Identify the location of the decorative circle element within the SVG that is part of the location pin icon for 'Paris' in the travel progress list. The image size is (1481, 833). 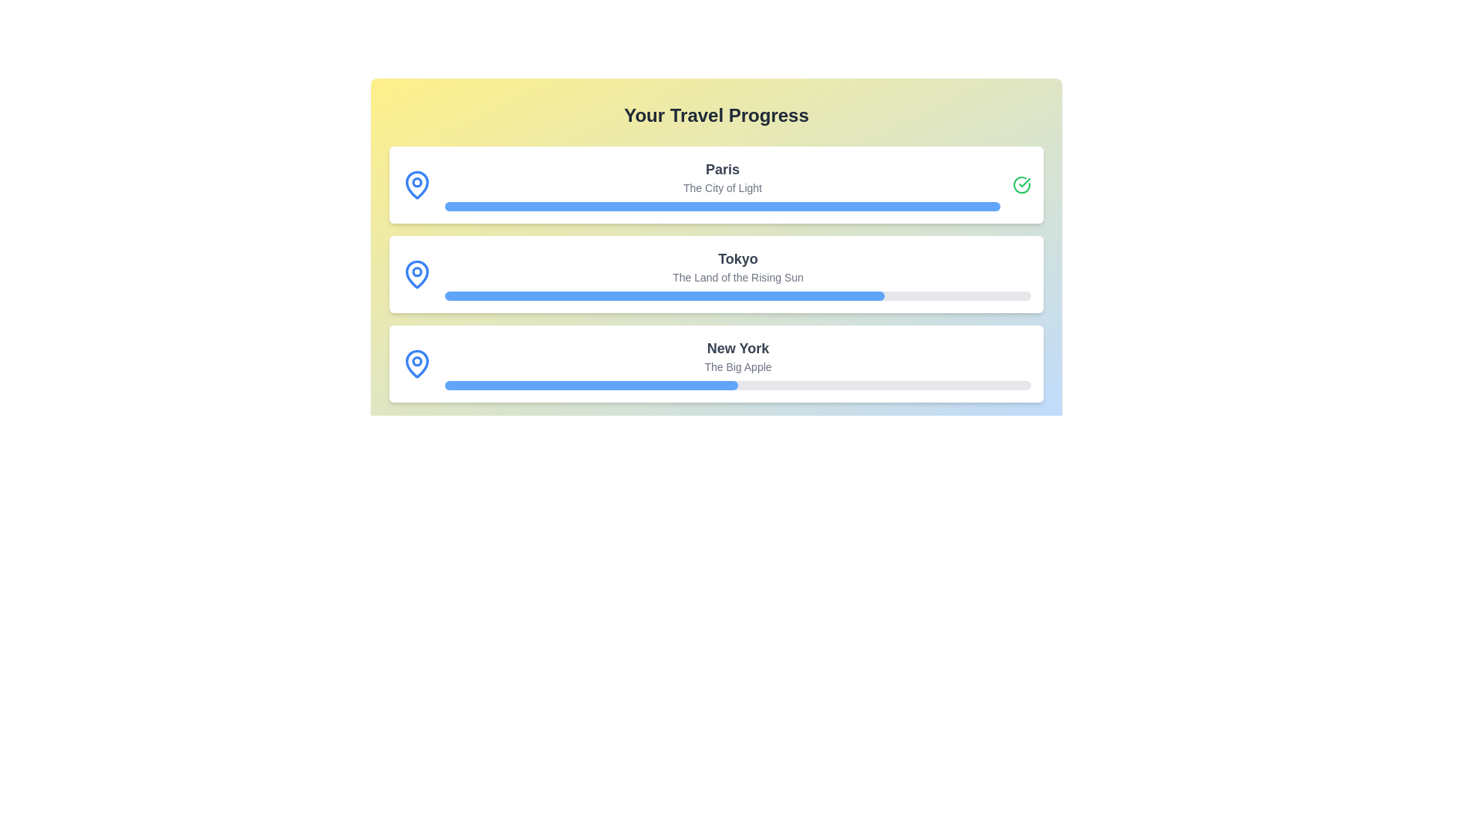
(417, 180).